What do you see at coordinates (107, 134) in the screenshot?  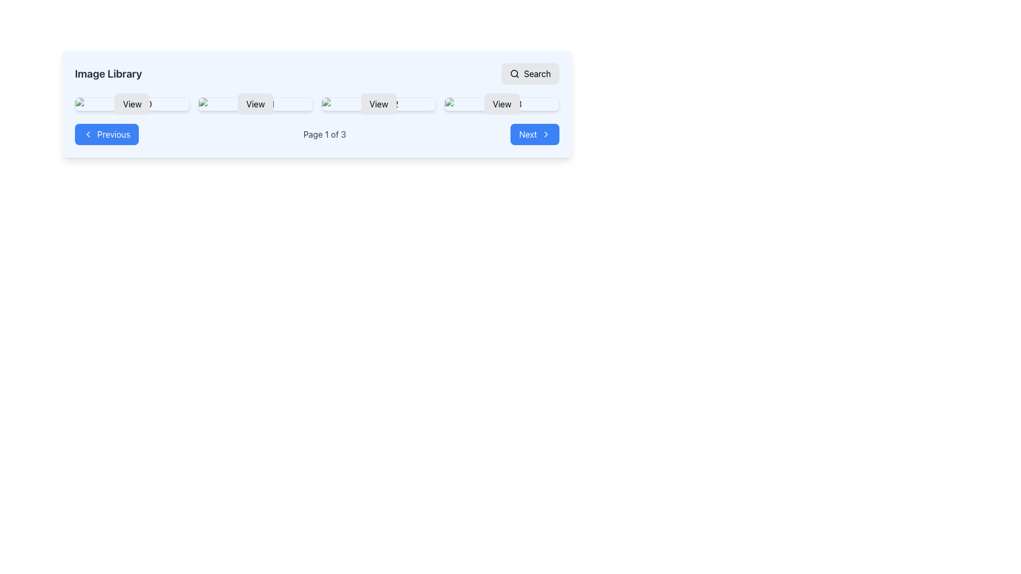 I see `the first button in the bottom left corner of the navigation bar` at bounding box center [107, 134].